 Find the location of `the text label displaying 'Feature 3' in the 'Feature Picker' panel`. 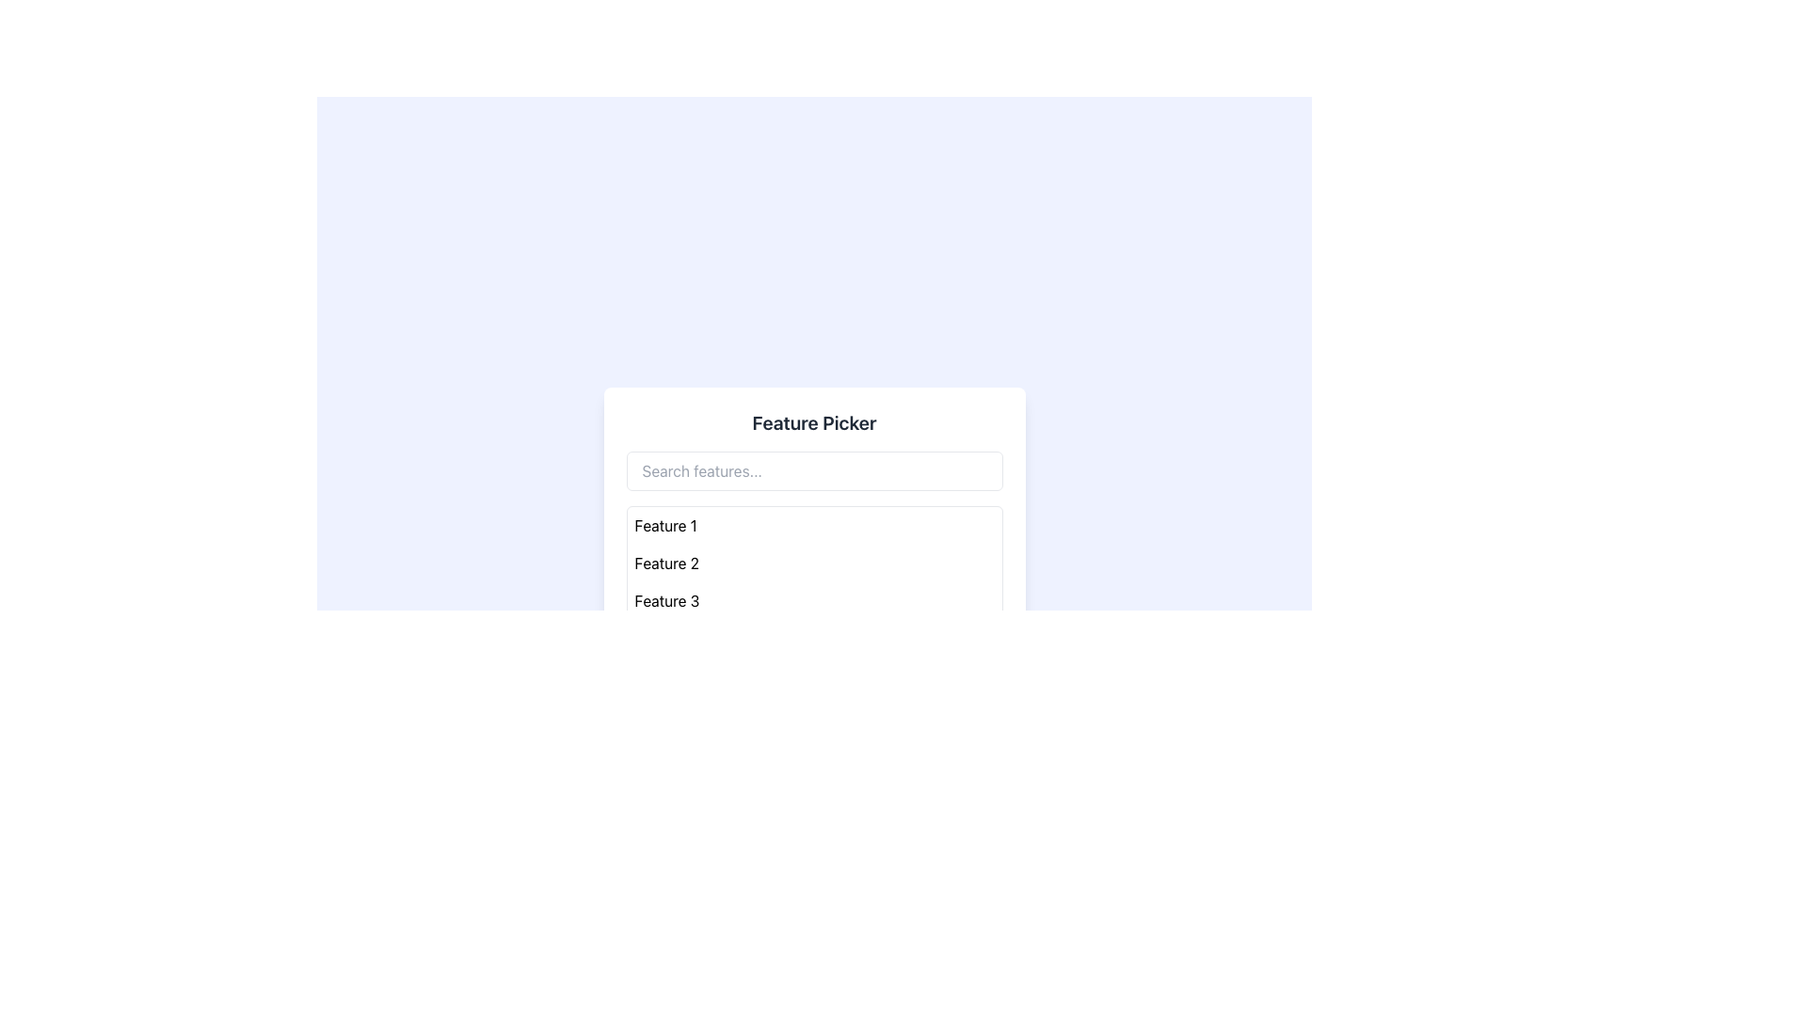

the text label displaying 'Feature 3' in the 'Feature Picker' panel is located at coordinates (667, 601).